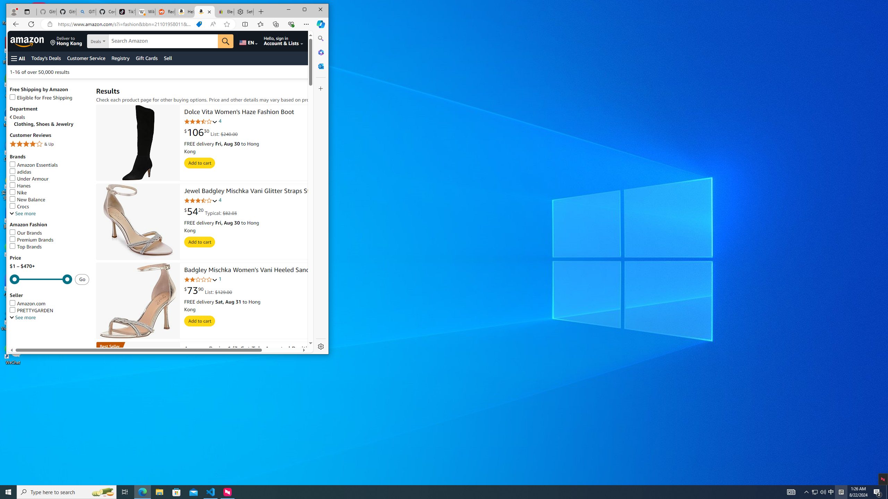  What do you see at coordinates (66, 491) in the screenshot?
I see `'Type here to search'` at bounding box center [66, 491].